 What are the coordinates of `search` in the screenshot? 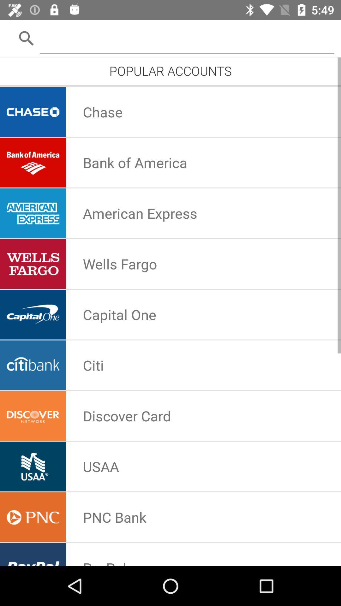 It's located at (187, 38).